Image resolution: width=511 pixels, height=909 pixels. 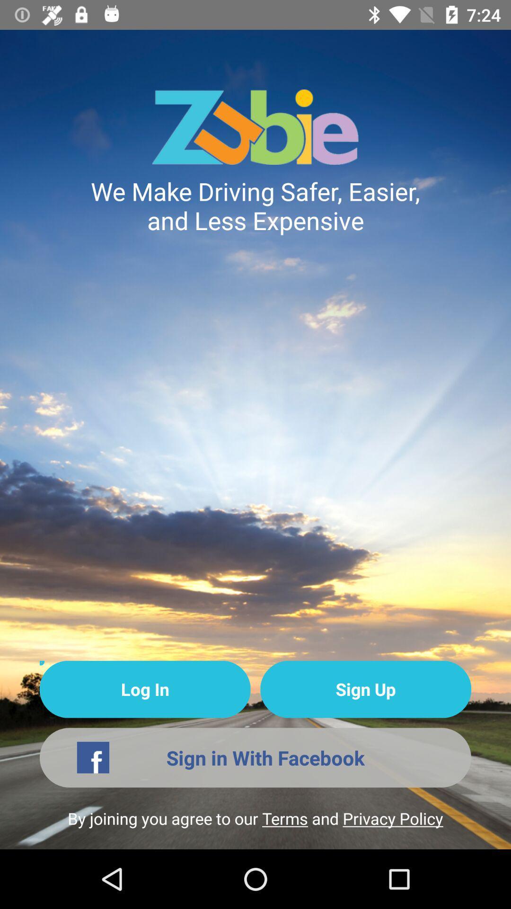 What do you see at coordinates (365, 689) in the screenshot?
I see `the item to the right of the log in icon` at bounding box center [365, 689].